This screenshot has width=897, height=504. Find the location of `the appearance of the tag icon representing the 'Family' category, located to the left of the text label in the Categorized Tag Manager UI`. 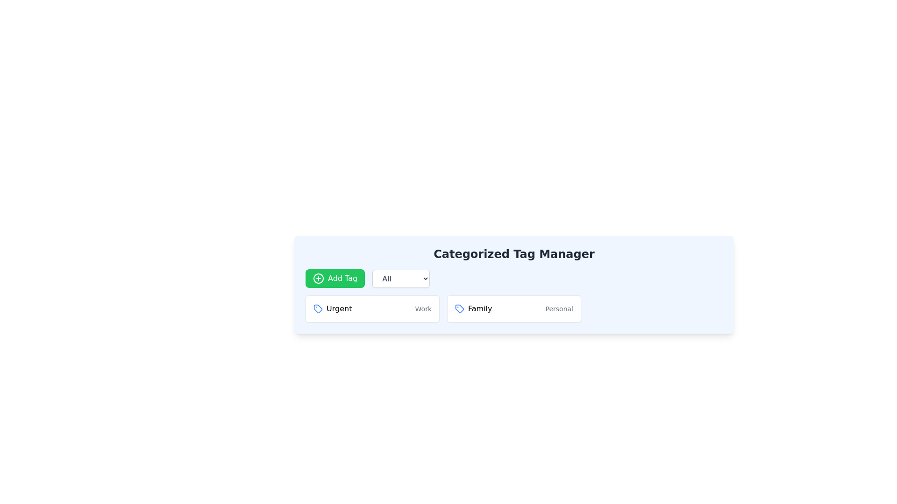

the appearance of the tag icon representing the 'Family' category, located to the left of the text label in the Categorized Tag Manager UI is located at coordinates (459, 309).